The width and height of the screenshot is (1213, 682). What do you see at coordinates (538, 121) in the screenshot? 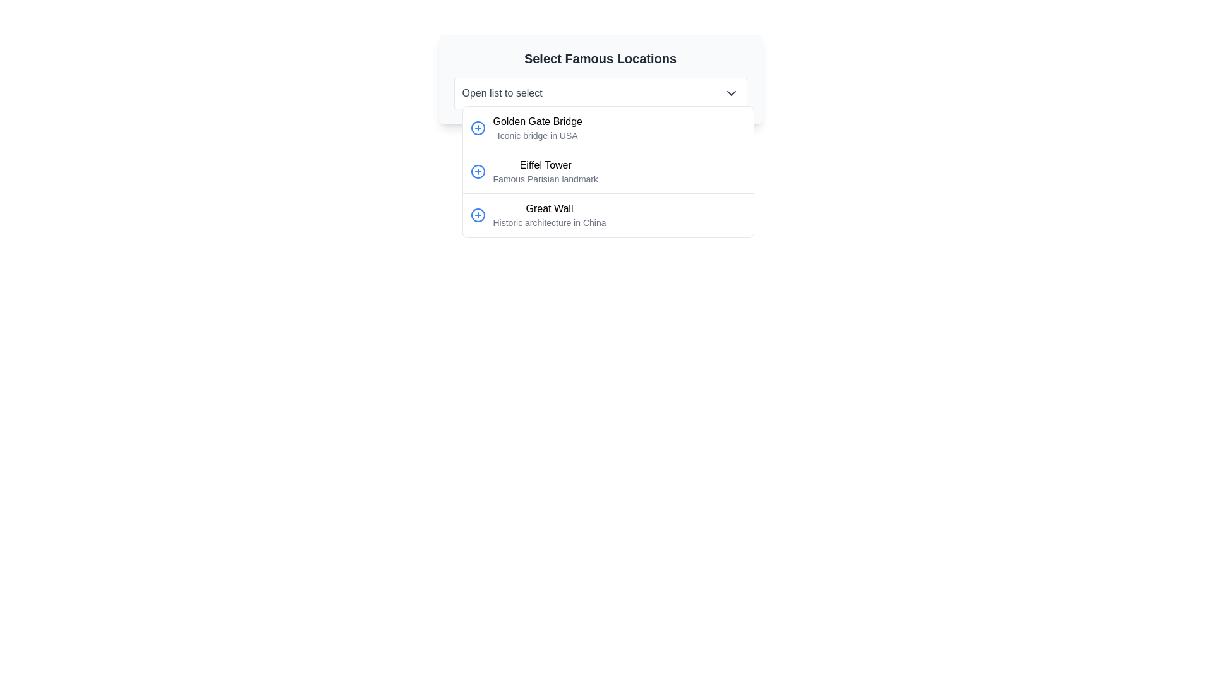
I see `the text label element displaying 'Golden Gate Bridge' in the dropdown menu under 'Select Famous Locations'` at bounding box center [538, 121].